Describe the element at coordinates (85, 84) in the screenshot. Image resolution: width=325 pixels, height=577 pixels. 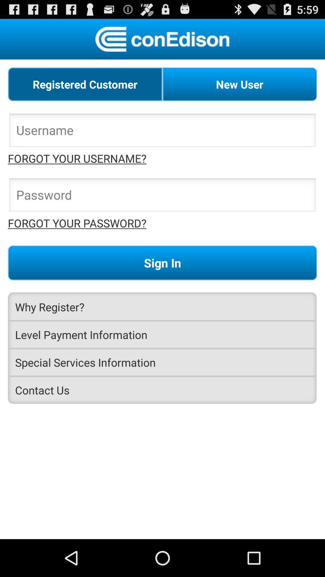
I see `item next to new user` at that location.